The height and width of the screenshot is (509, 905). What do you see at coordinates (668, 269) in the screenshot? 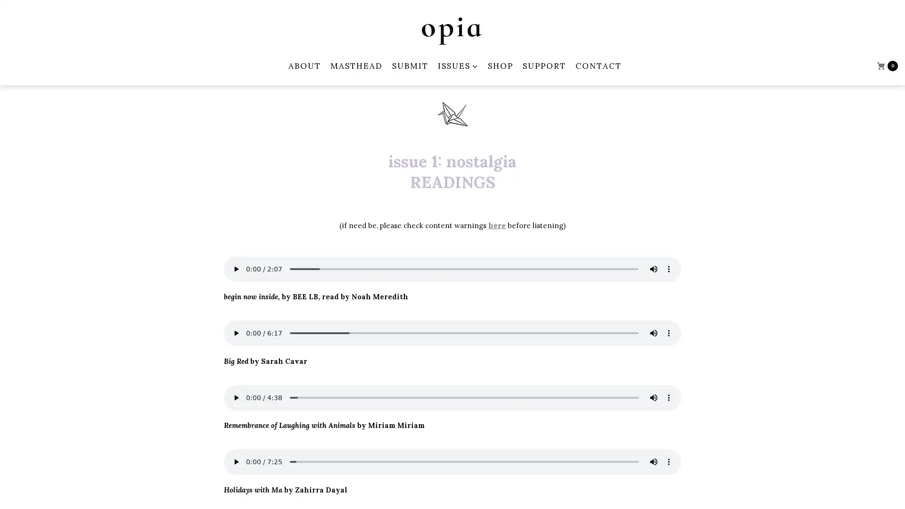
I see `show more media controls` at bounding box center [668, 269].